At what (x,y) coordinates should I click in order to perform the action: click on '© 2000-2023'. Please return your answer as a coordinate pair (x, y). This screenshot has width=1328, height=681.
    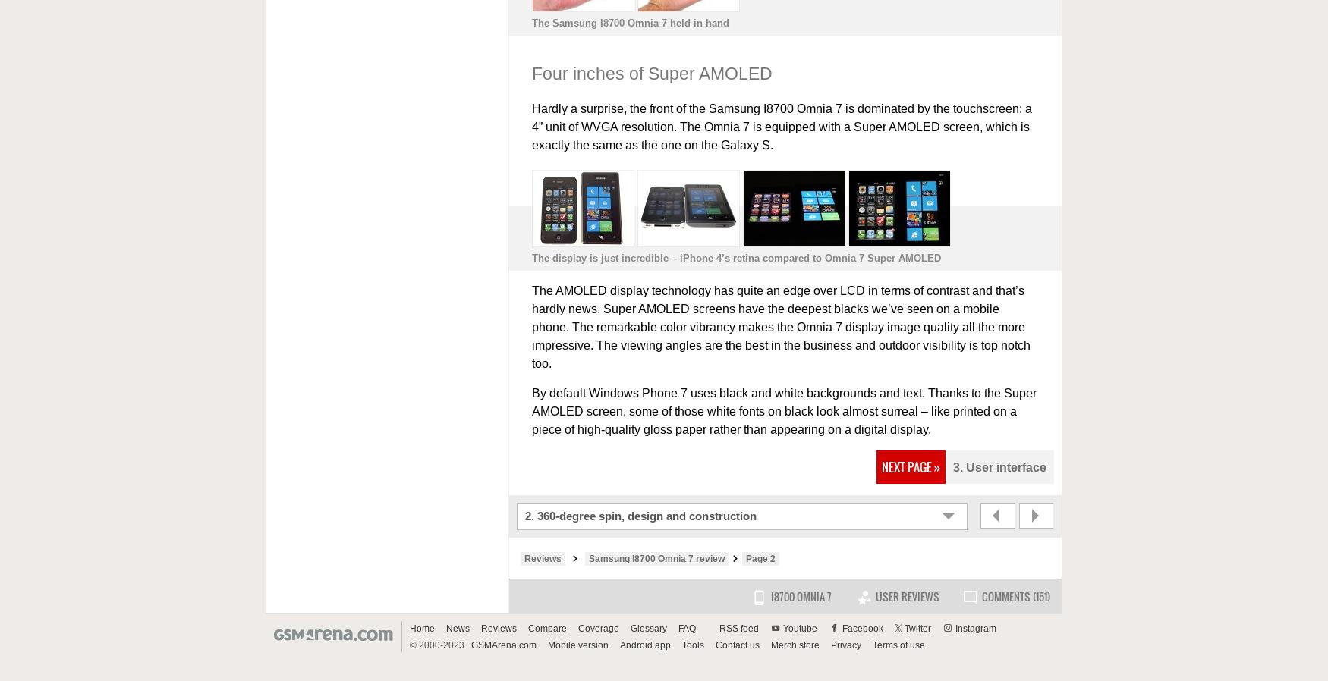
    Looking at the image, I should click on (437, 645).